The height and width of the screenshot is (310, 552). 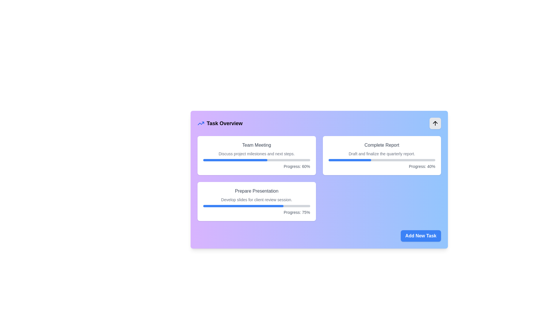 What do you see at coordinates (229, 206) in the screenshot?
I see `the progress of the 'Prepare Presentation' task` at bounding box center [229, 206].